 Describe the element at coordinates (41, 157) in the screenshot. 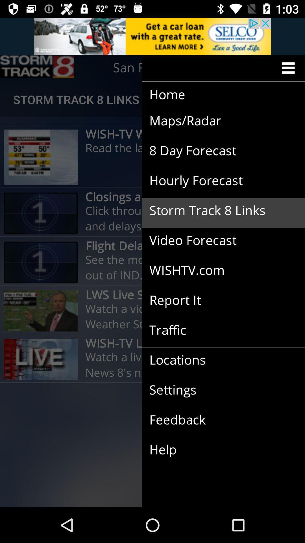

I see `the first image below storm track 8 links` at that location.